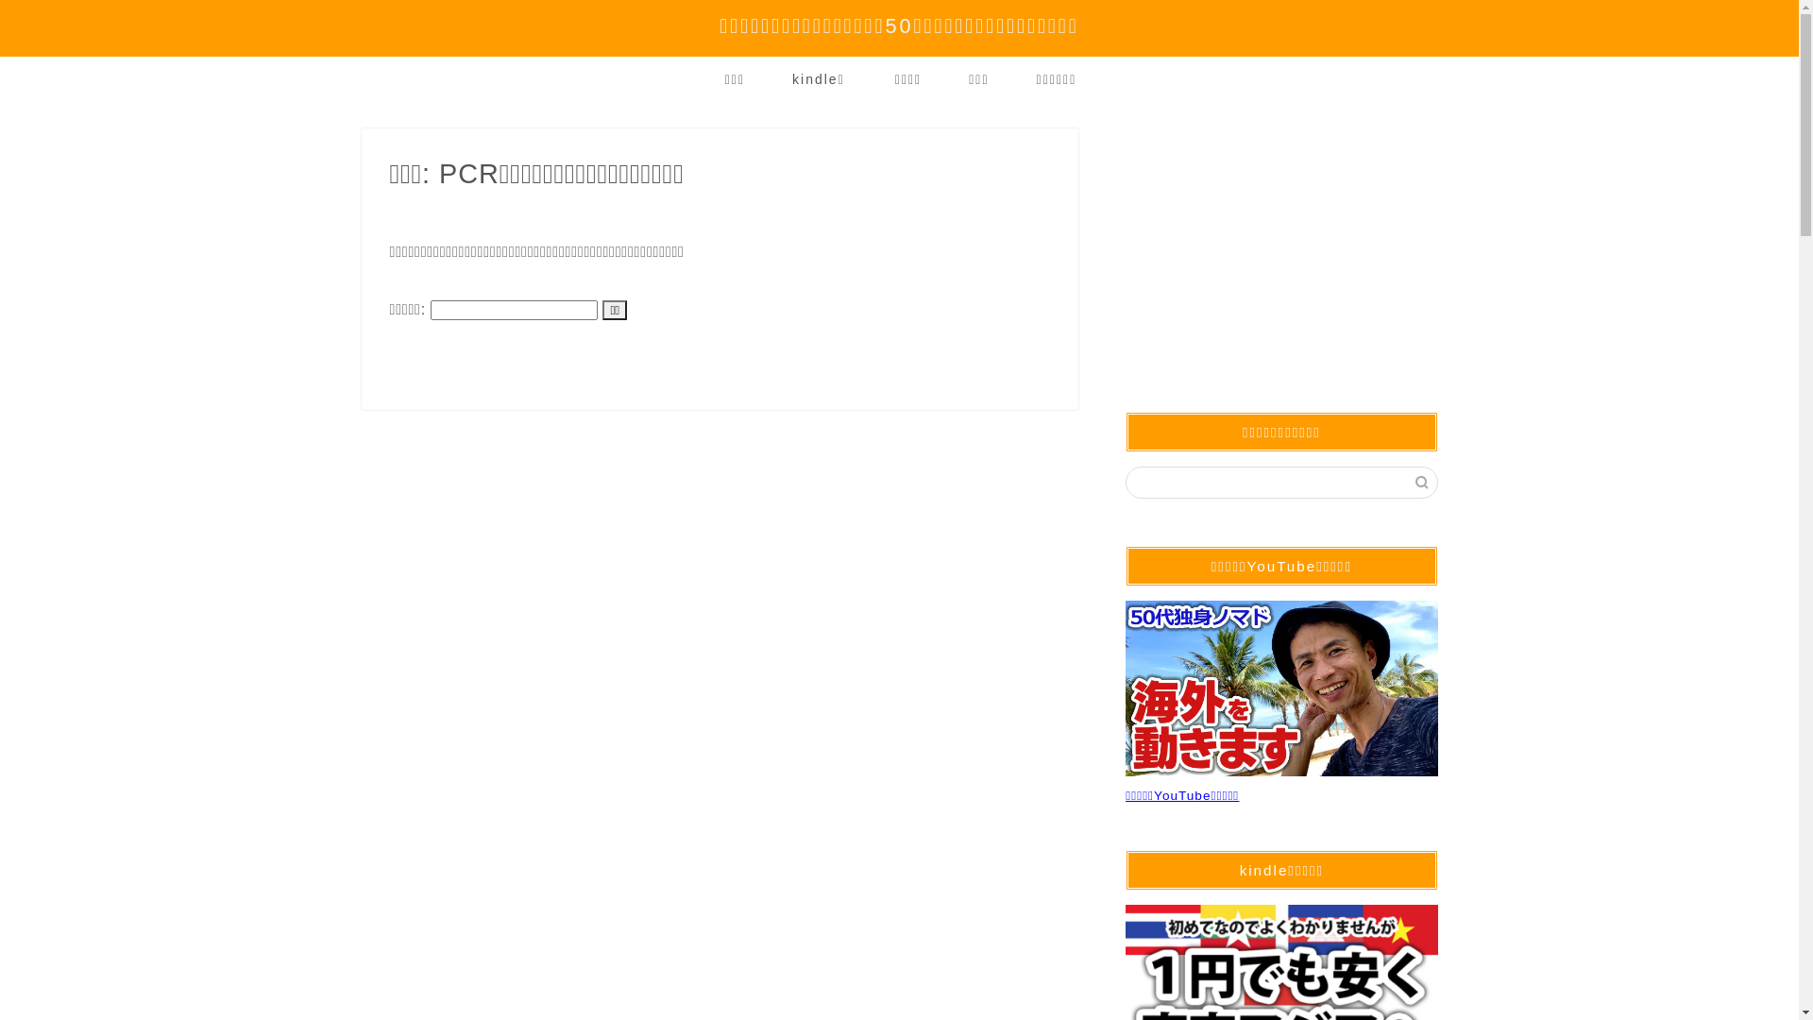 The width and height of the screenshot is (1813, 1020). I want to click on 'Advertisement', so click(1281, 246).